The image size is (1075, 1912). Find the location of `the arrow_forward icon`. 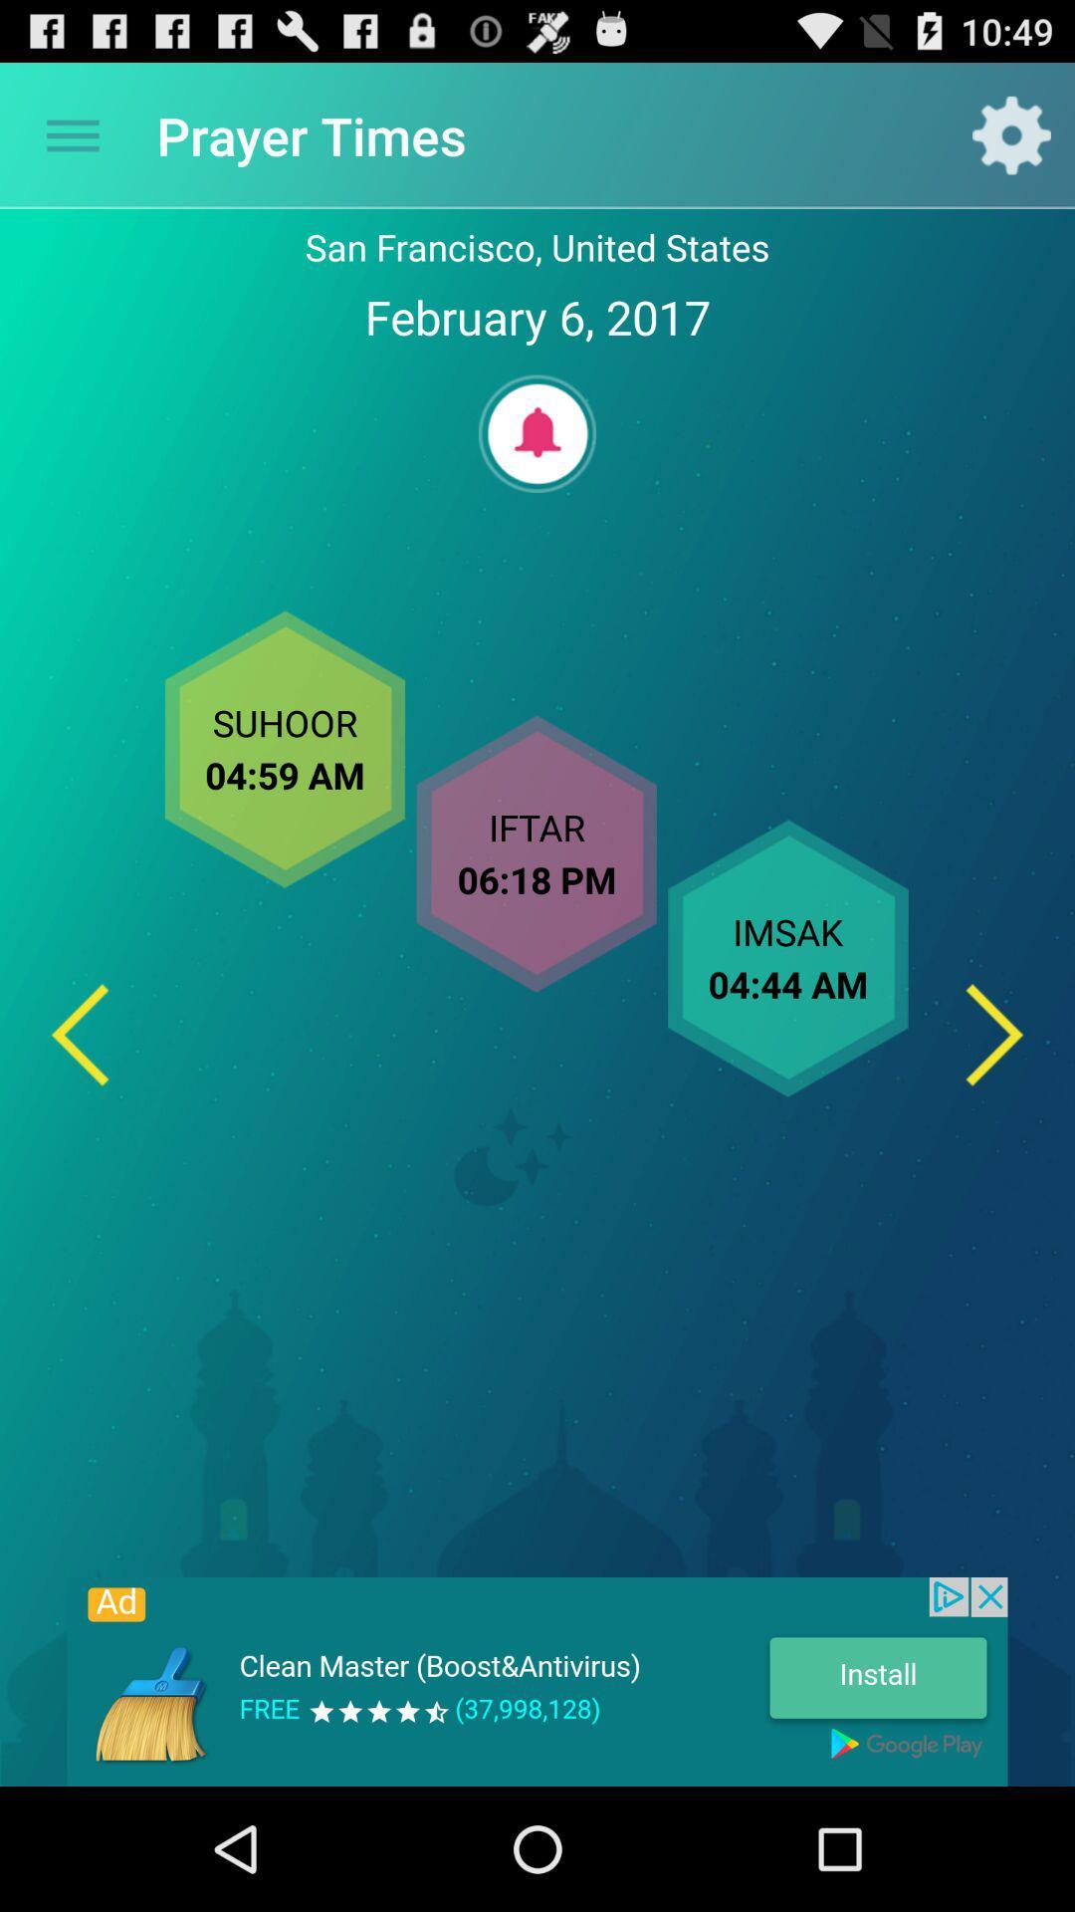

the arrow_forward icon is located at coordinates (994, 1106).